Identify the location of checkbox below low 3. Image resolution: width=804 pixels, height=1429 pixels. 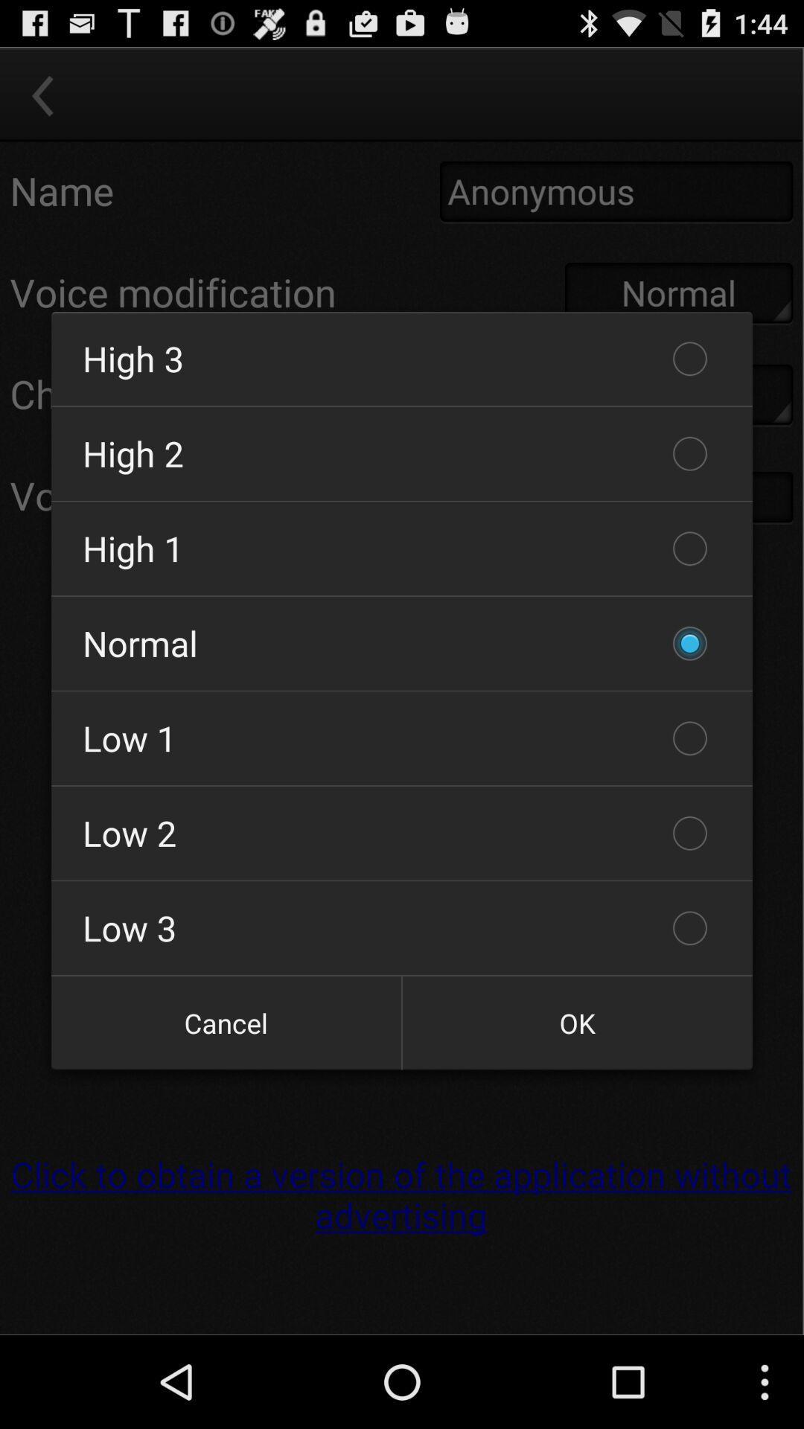
(226, 1022).